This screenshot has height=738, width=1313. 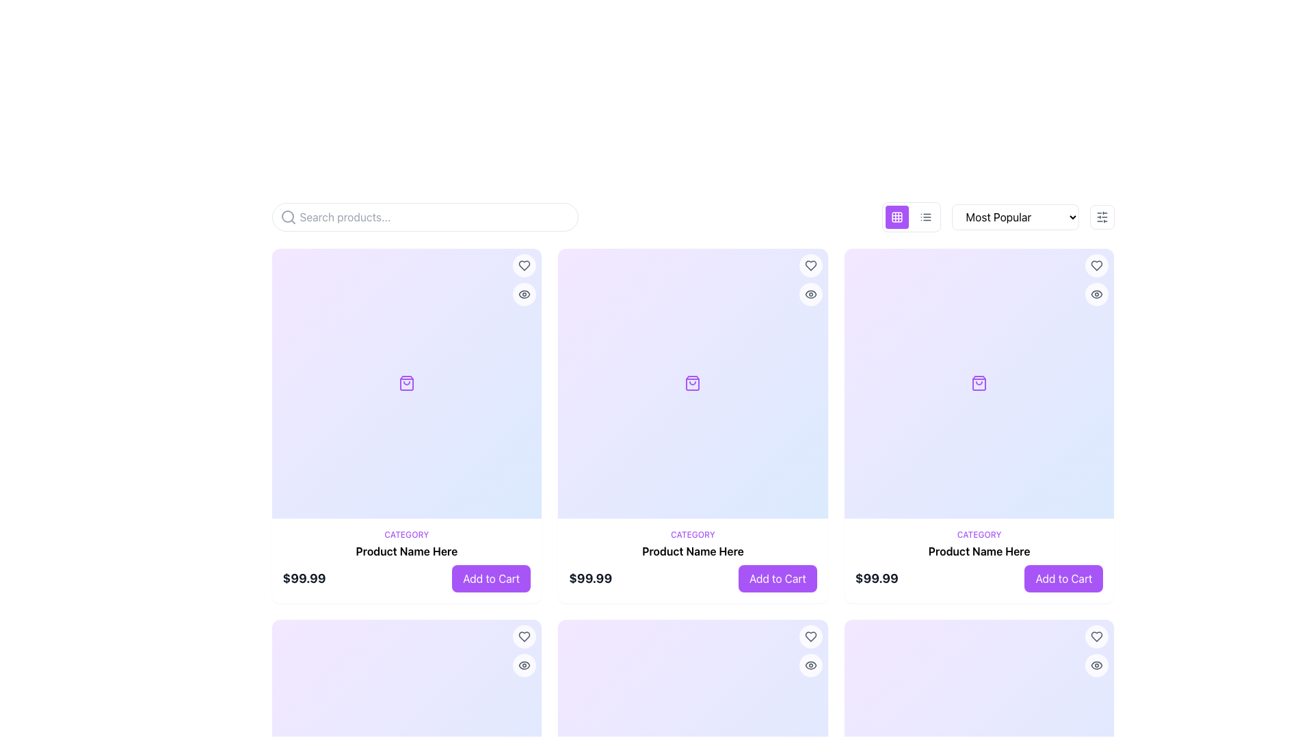 I want to click on the price text label located at the bottom left of the product card, which indicates the price of the displayed product, so click(x=304, y=578).